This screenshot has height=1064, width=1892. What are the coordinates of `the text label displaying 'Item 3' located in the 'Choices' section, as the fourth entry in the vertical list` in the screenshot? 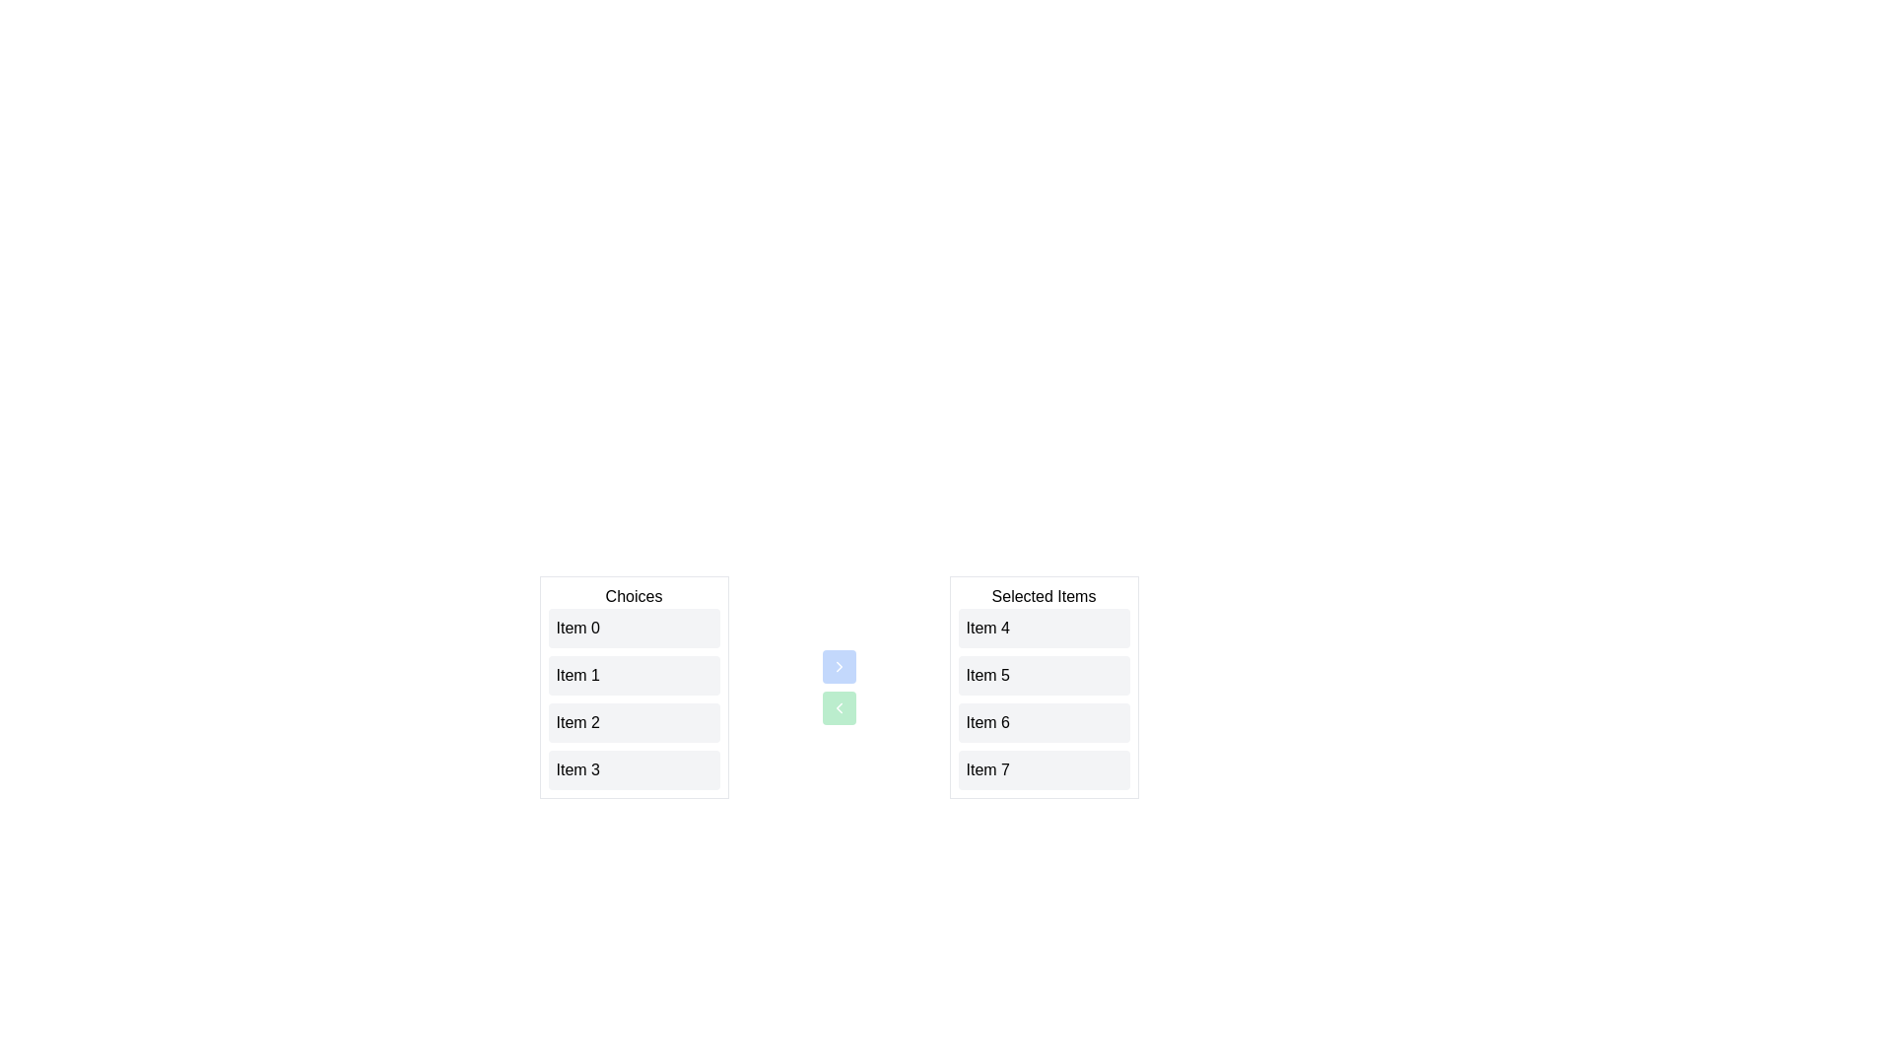 It's located at (576, 769).